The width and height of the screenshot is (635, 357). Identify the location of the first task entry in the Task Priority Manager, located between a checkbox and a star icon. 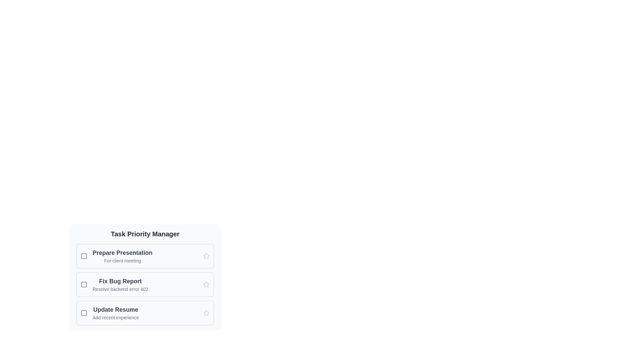
(122, 256).